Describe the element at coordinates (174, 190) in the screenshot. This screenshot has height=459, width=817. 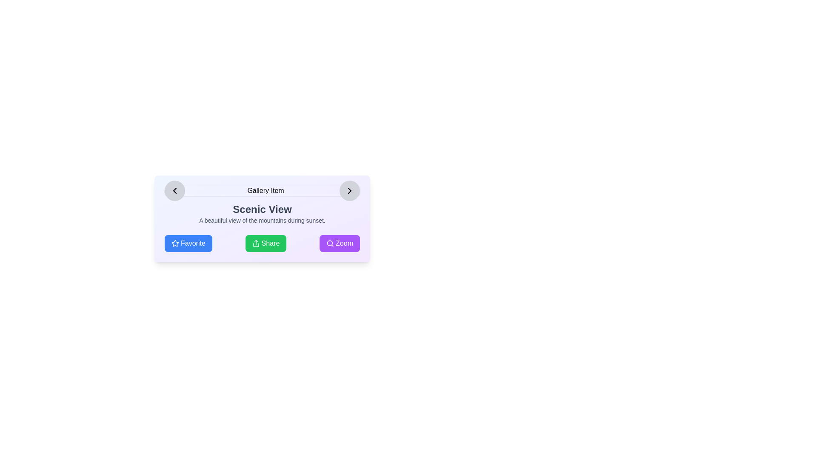
I see `the leftward pointing chevron icon located in the navigation header next to the 'Gallery Item' label` at that location.